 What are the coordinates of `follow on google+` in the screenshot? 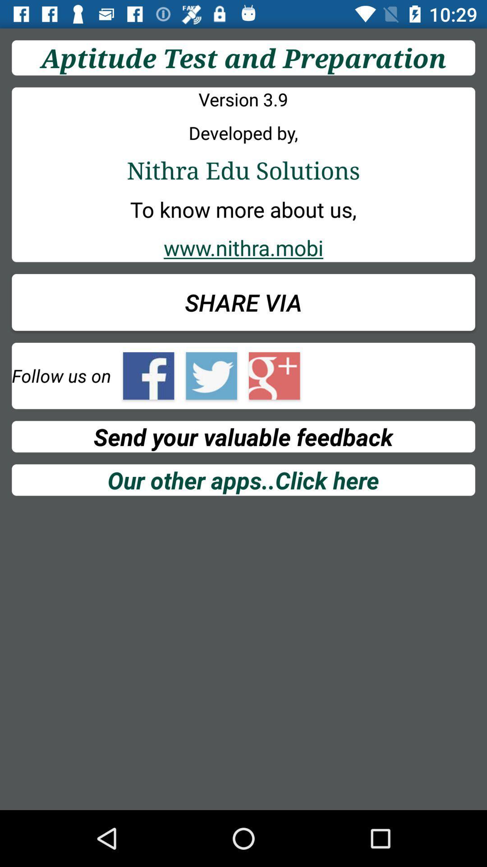 It's located at (274, 376).